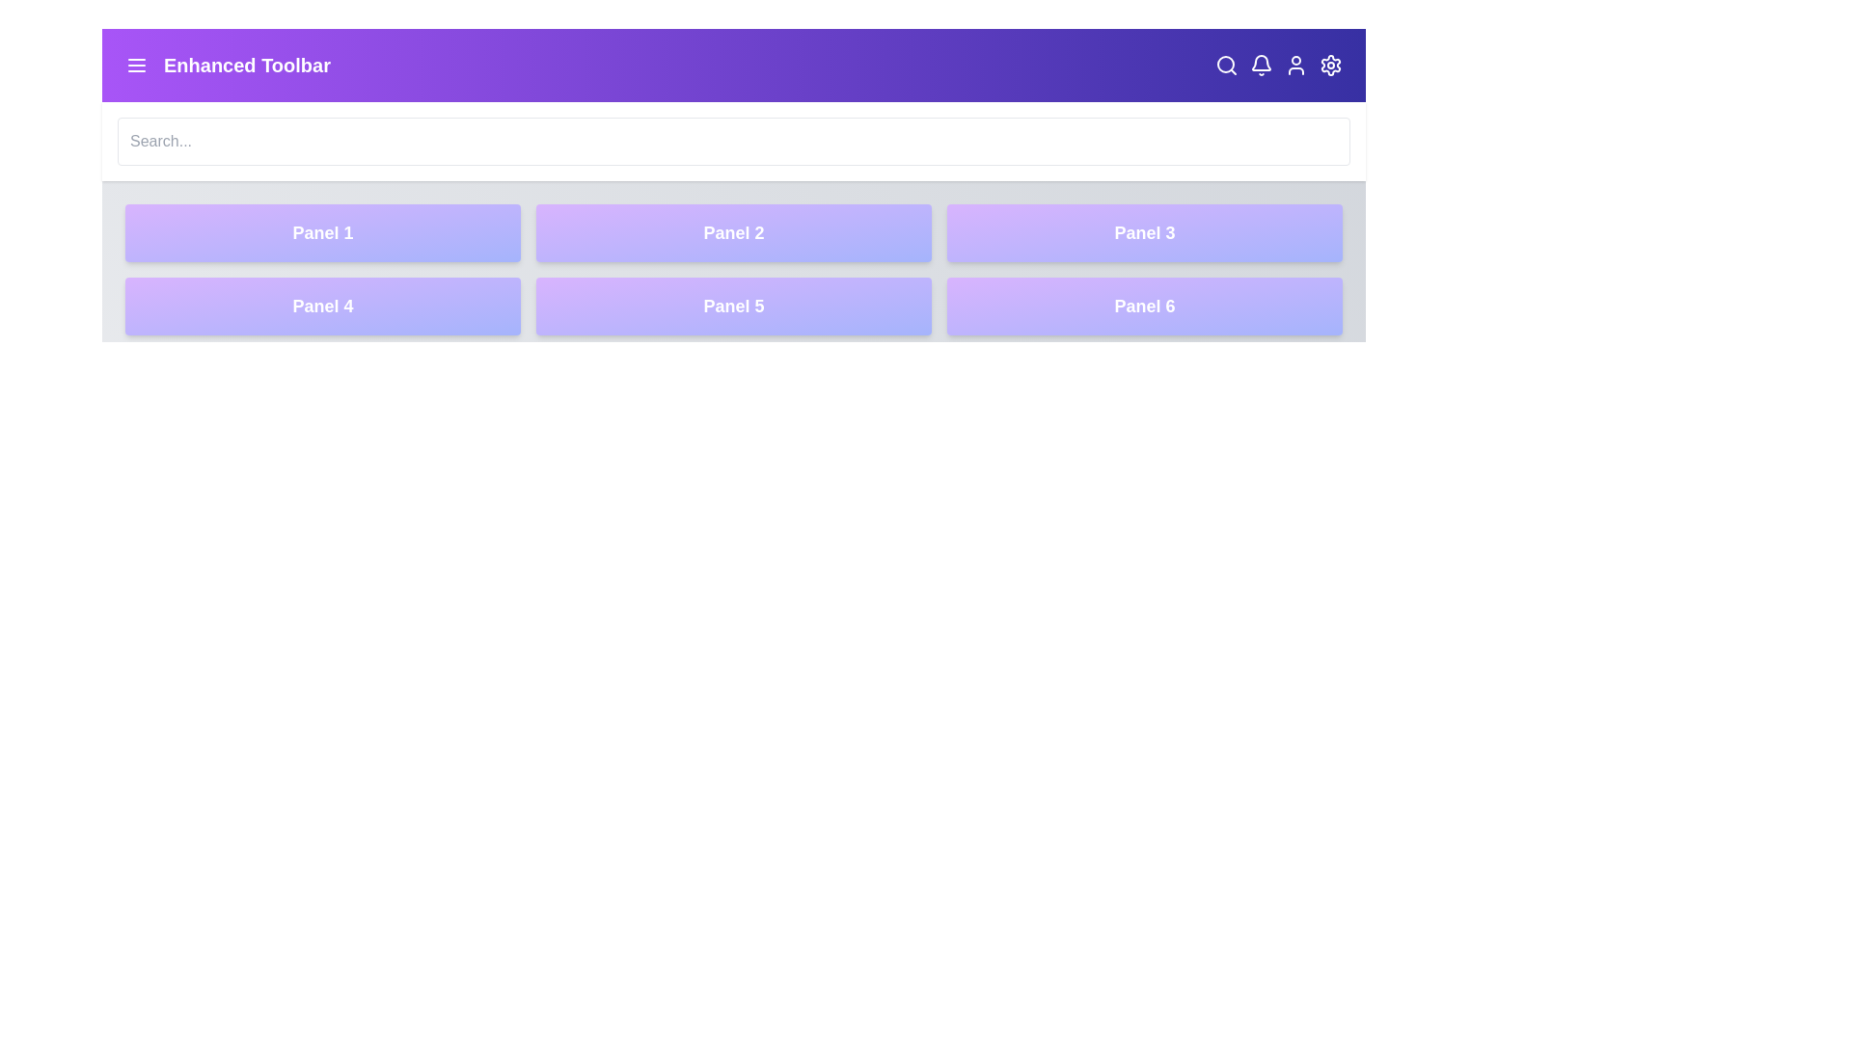 This screenshot has width=1852, height=1041. I want to click on the search icon to toggle the visibility of the search bar, so click(1226, 65).